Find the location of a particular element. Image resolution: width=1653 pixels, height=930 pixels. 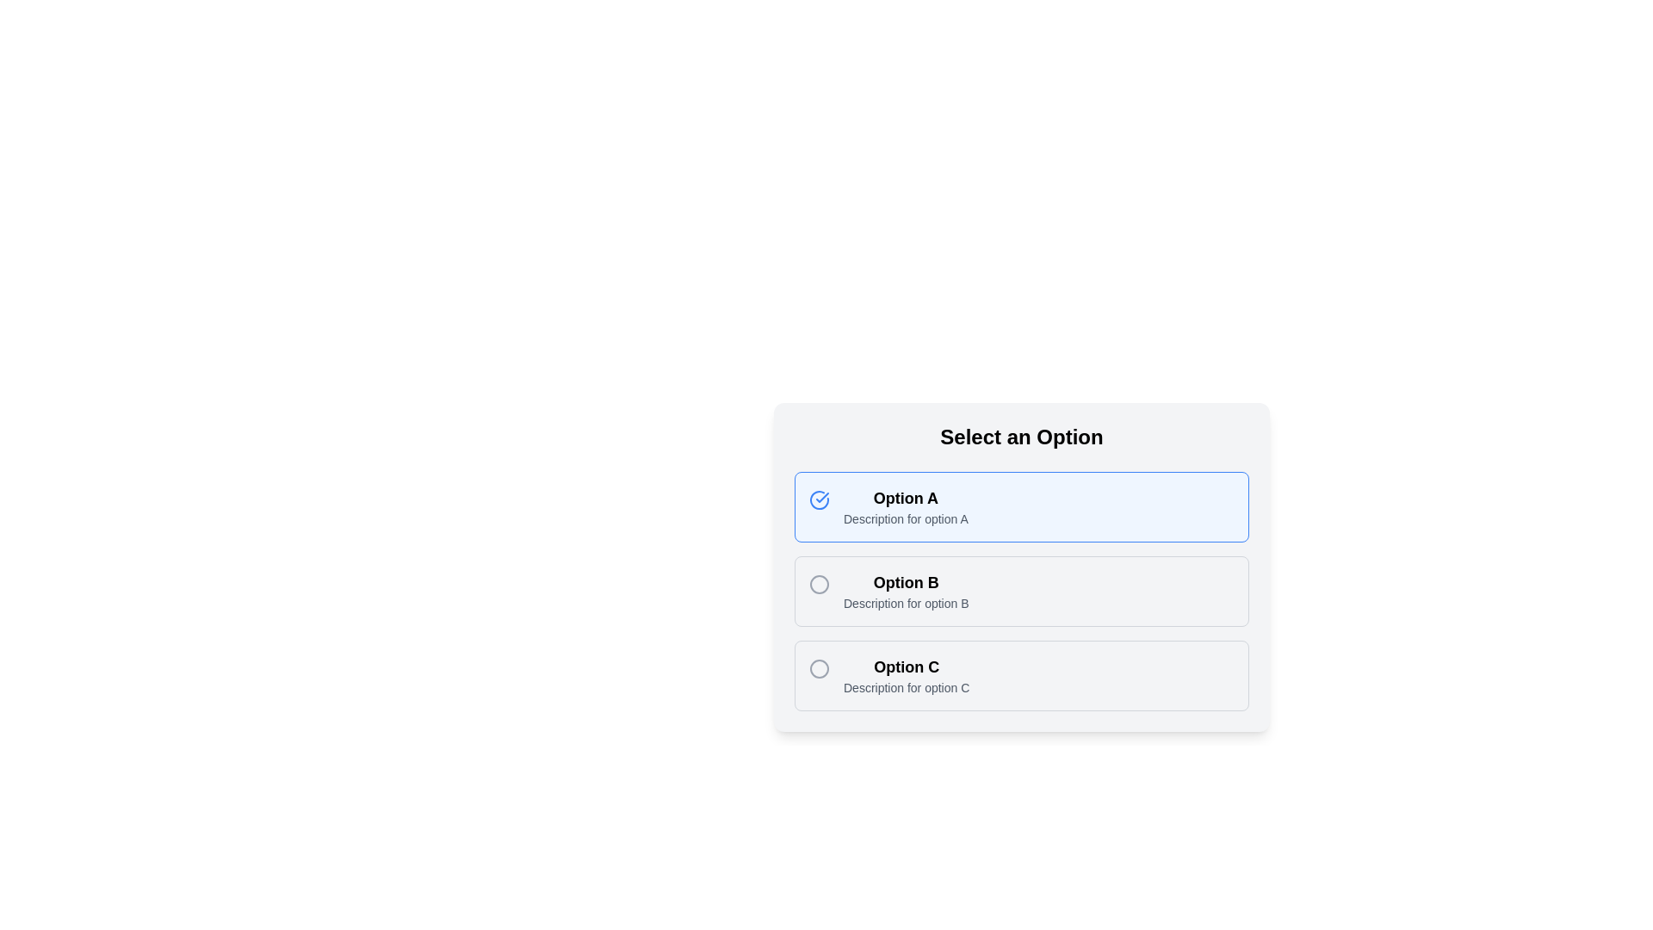

the unselected state Circle (SVG Component) of the radio button labeled 'Option B' in the 'Select an Option' section is located at coordinates (818, 583).